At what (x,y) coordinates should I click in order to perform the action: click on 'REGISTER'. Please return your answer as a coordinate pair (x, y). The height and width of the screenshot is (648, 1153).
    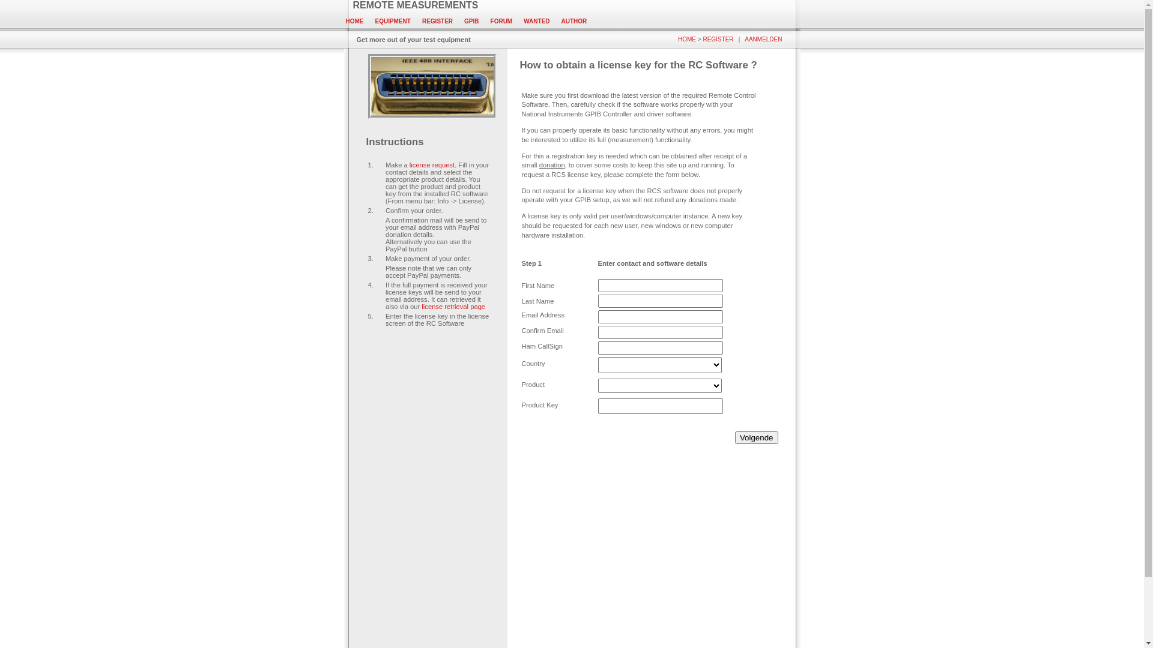
    Looking at the image, I should click on (437, 21).